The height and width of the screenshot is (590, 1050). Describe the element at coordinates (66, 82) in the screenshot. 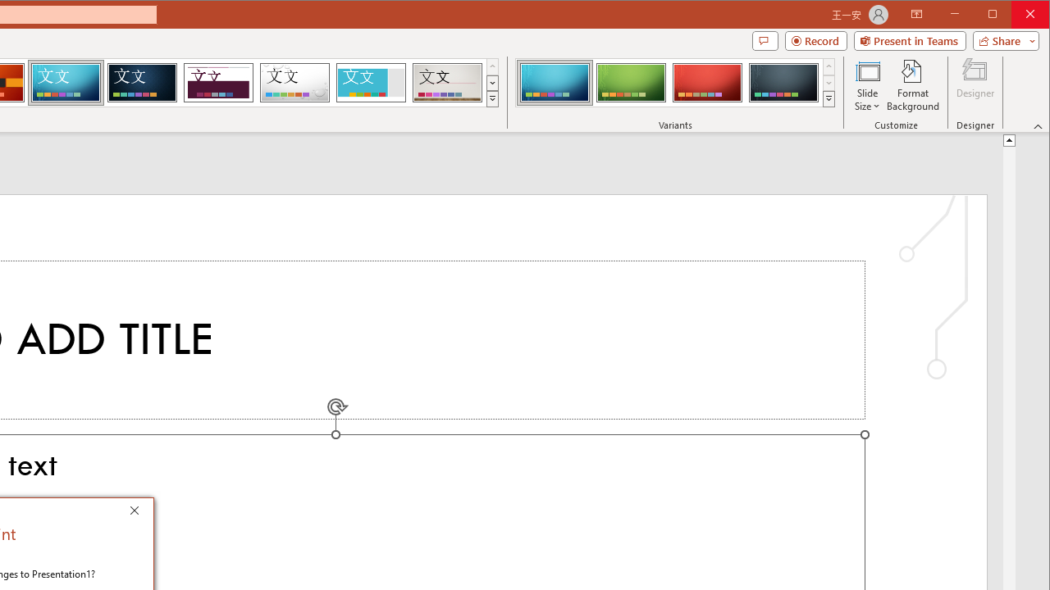

I see `'Circuit'` at that location.